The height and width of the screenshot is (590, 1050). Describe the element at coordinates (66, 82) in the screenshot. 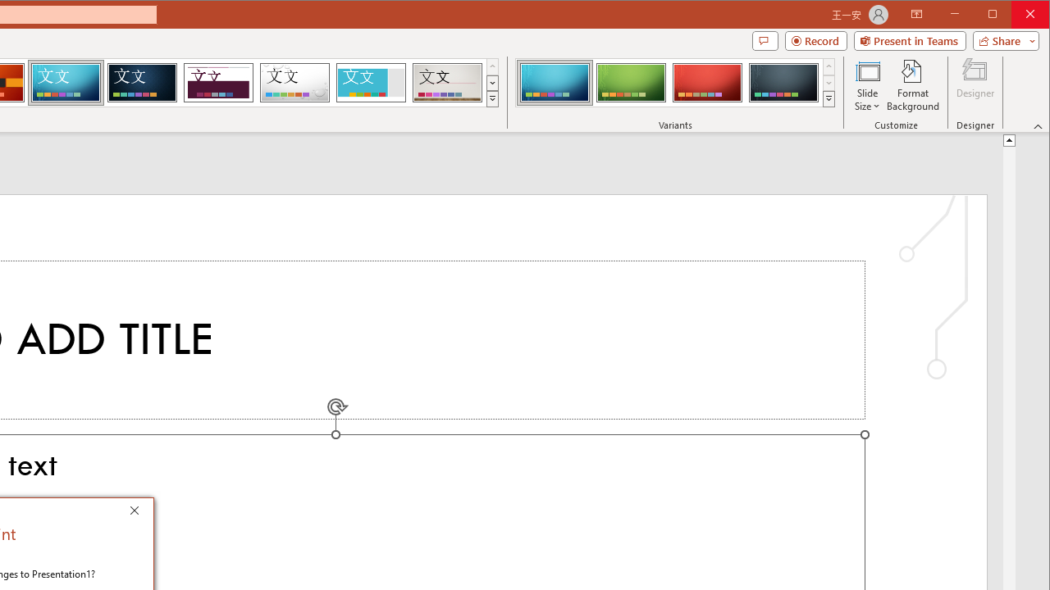

I see `'Circuit'` at that location.